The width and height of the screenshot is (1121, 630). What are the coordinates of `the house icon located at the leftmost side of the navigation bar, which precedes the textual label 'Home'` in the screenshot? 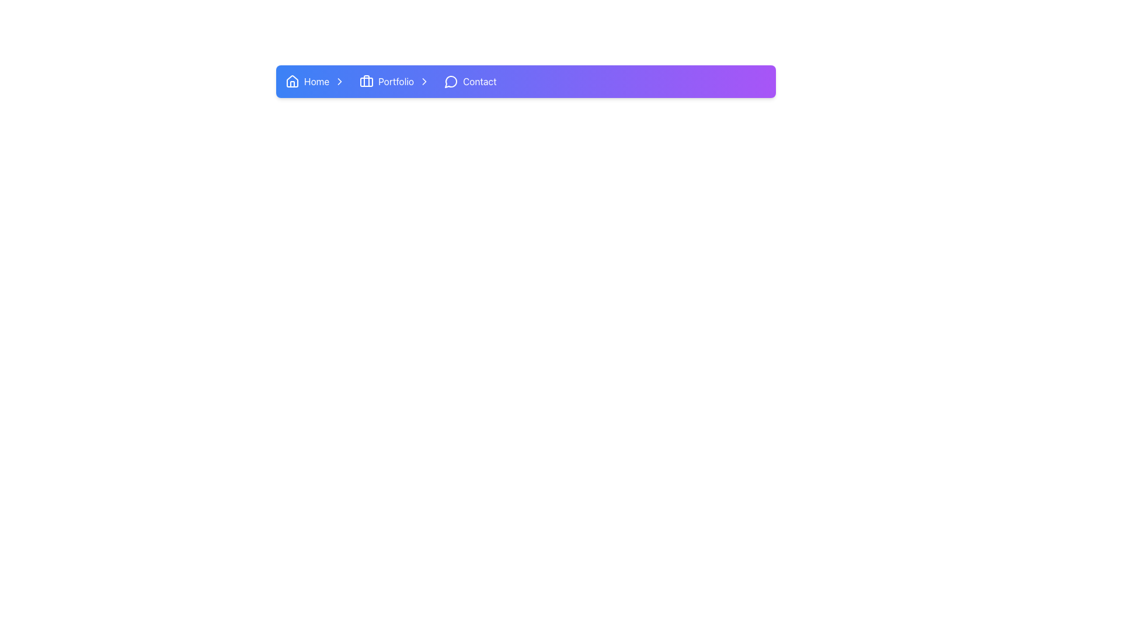 It's located at (292, 80).